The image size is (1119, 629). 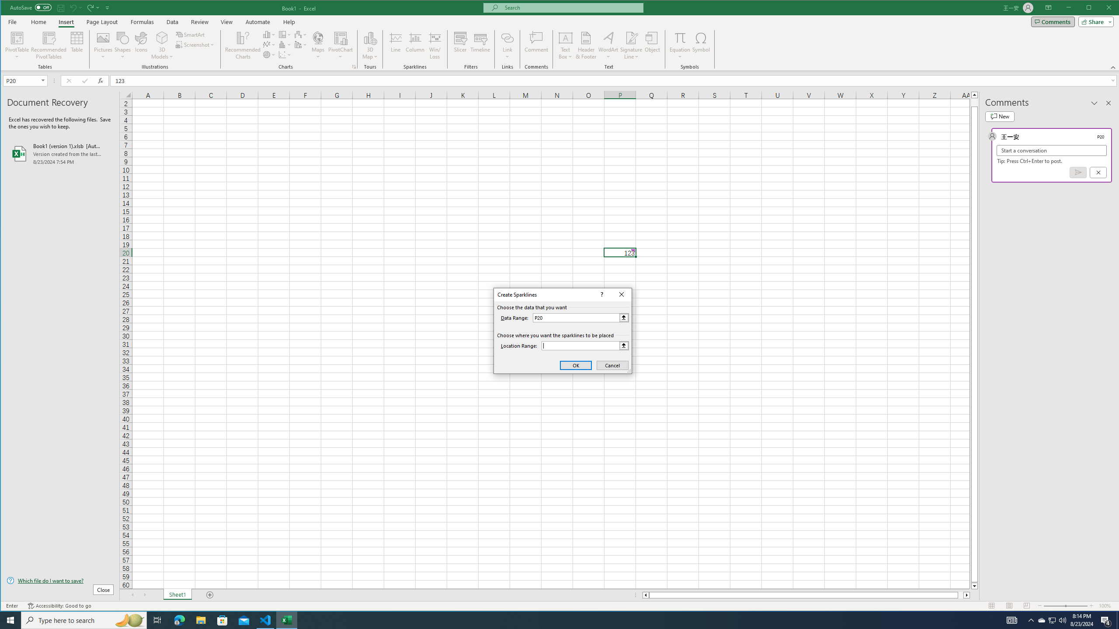 What do you see at coordinates (196, 45) in the screenshot?
I see `'Screenshot'` at bounding box center [196, 45].